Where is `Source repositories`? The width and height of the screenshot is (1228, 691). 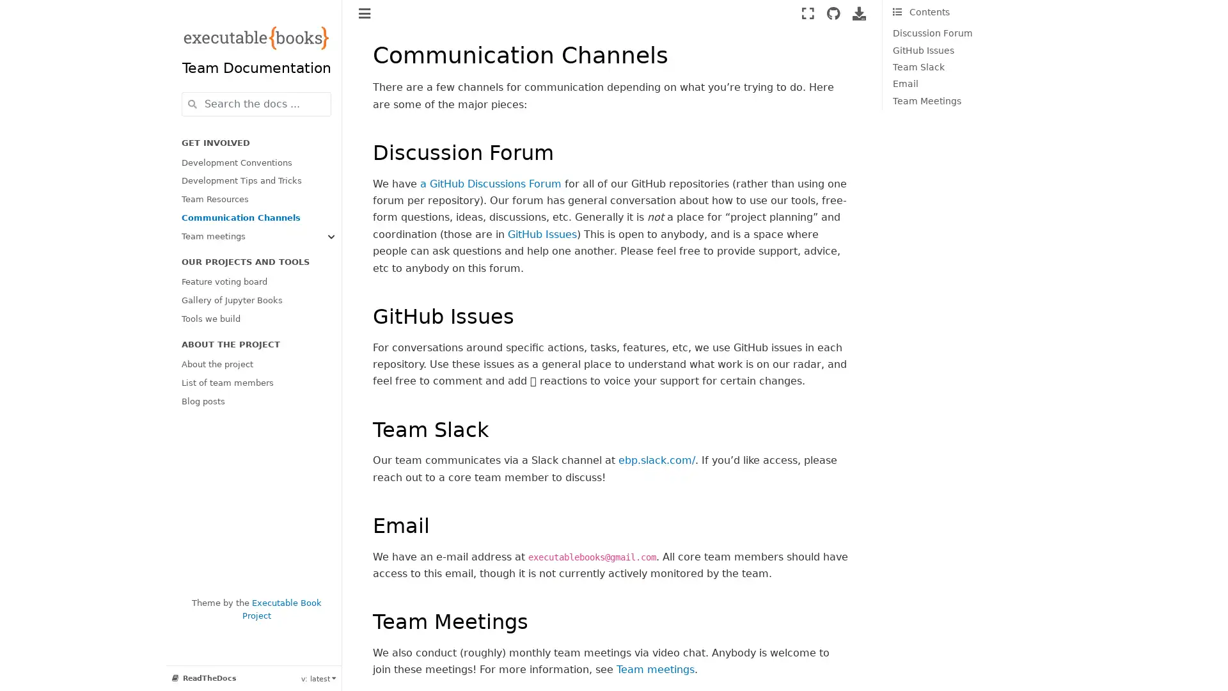
Source repositories is located at coordinates (833, 13).